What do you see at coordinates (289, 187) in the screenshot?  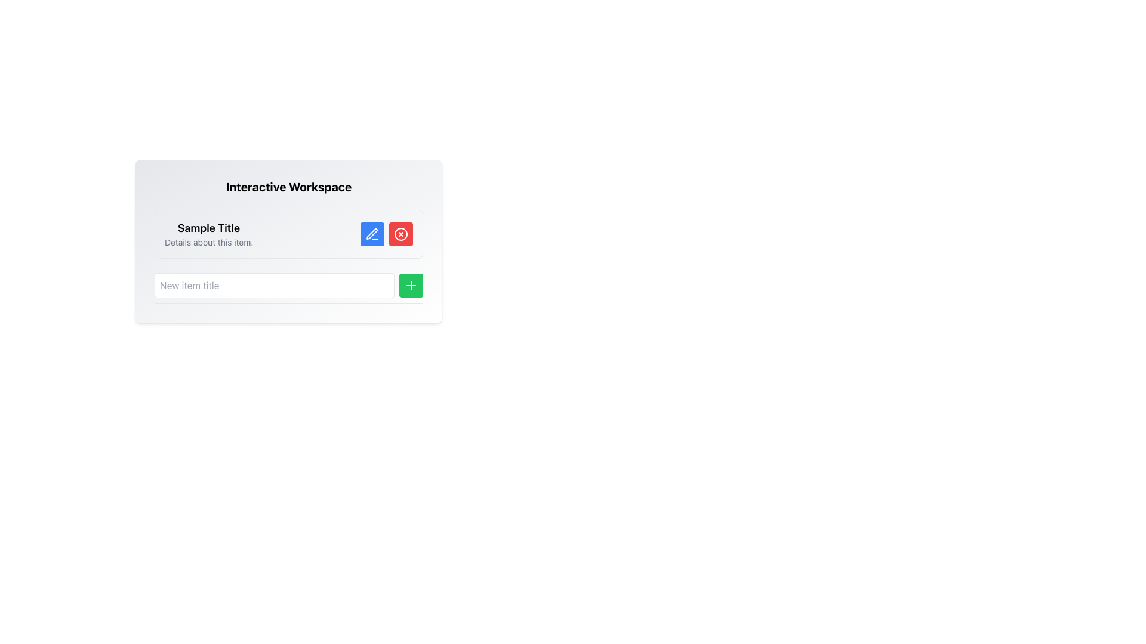 I see `text of the bold header labeled 'Interactive Workspace' located at the top of the light-gray rounded box` at bounding box center [289, 187].